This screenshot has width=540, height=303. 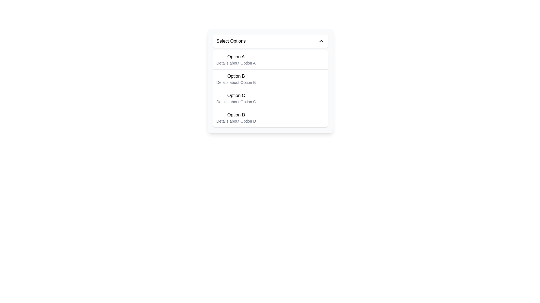 I want to click on the first list item 'Option A' in the dropdown menu, so click(x=270, y=59).